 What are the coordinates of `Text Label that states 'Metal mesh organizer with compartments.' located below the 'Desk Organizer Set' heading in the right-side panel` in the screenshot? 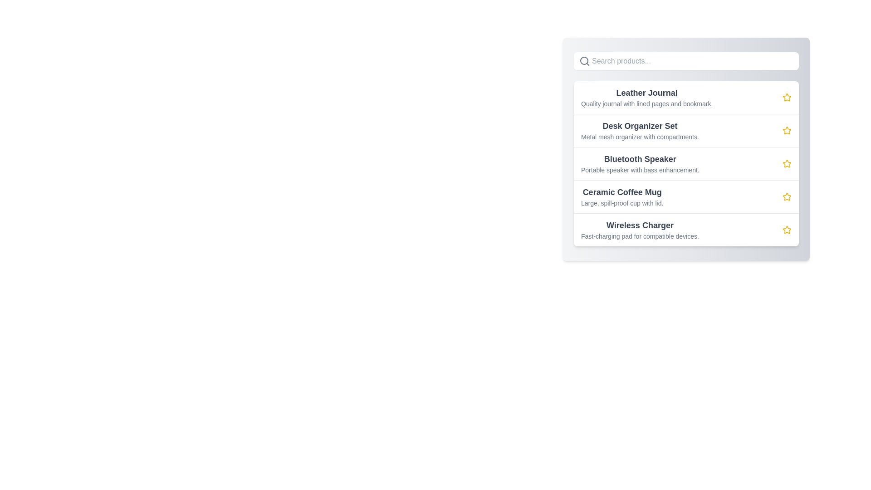 It's located at (640, 137).